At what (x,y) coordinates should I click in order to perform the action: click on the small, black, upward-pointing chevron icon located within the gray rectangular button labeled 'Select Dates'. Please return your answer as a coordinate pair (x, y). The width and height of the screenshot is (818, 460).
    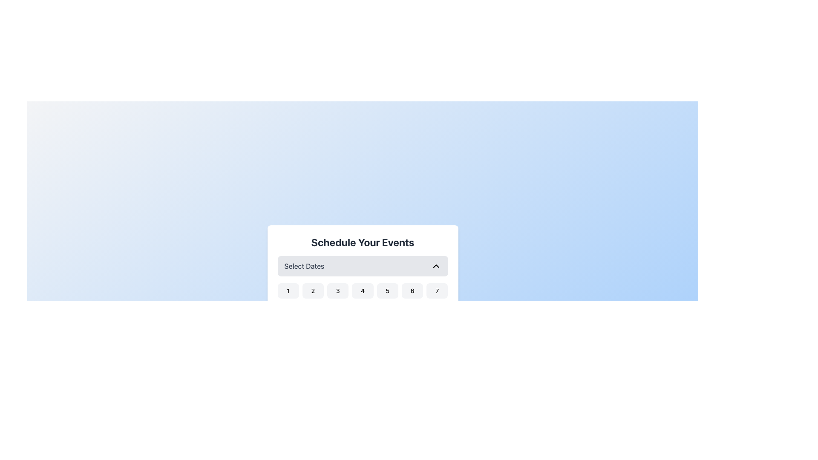
    Looking at the image, I should click on (436, 266).